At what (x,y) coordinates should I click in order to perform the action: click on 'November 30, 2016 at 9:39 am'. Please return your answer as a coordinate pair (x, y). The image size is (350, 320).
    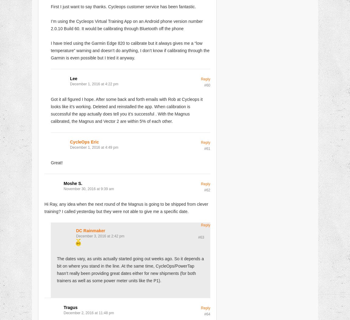
    Looking at the image, I should click on (89, 188).